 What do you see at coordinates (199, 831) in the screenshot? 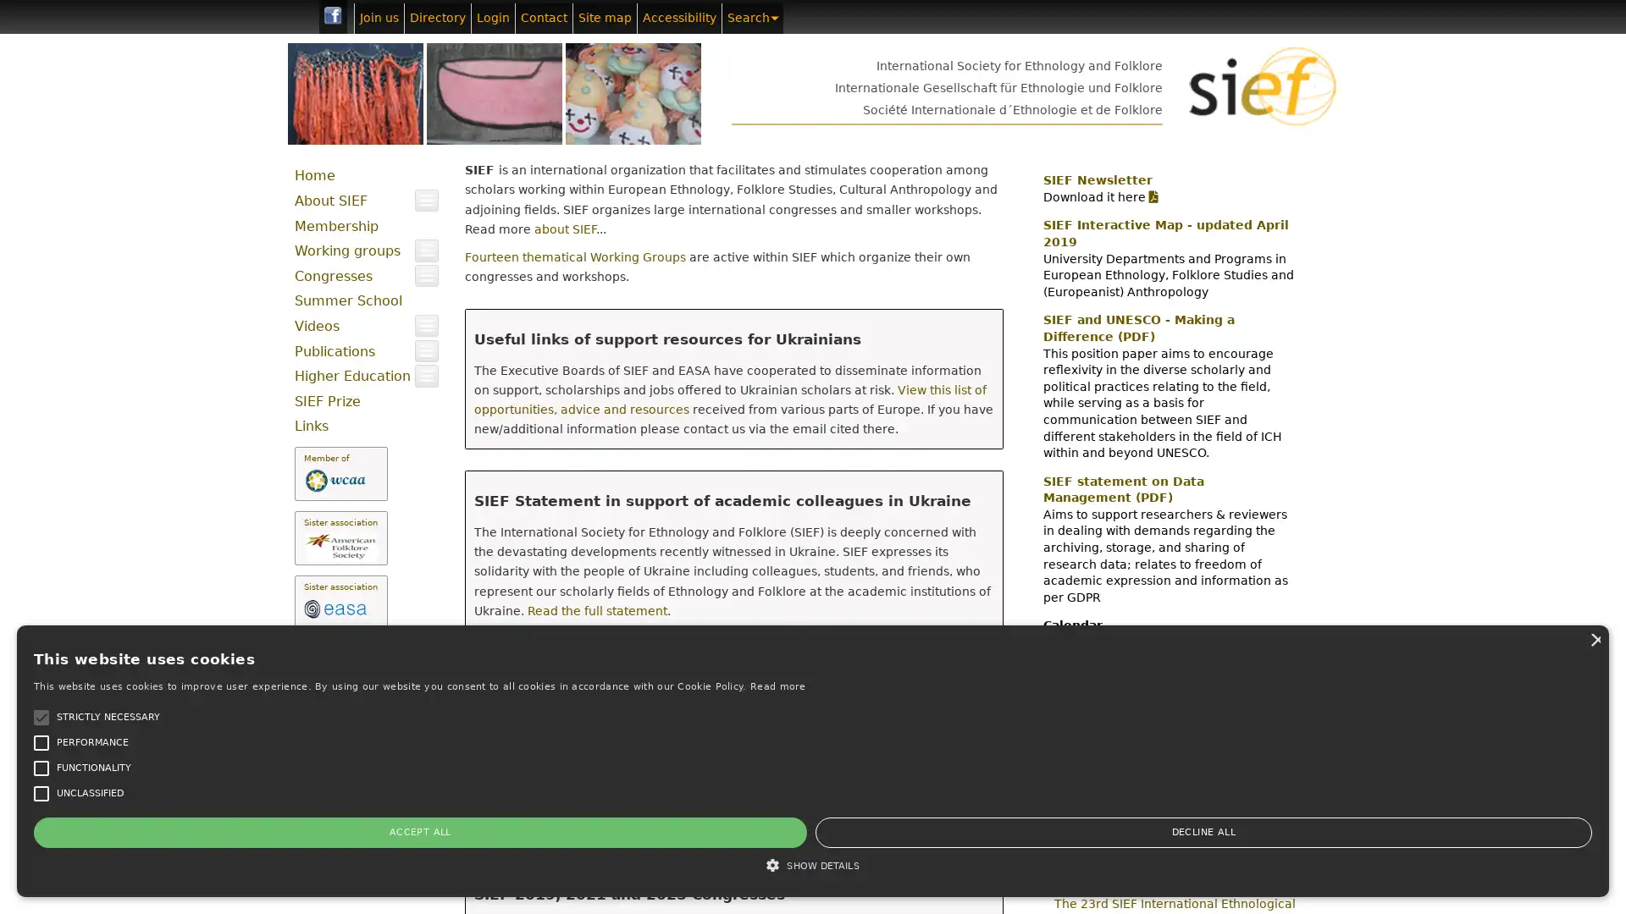
I see `DECLINE ALL` at bounding box center [199, 831].